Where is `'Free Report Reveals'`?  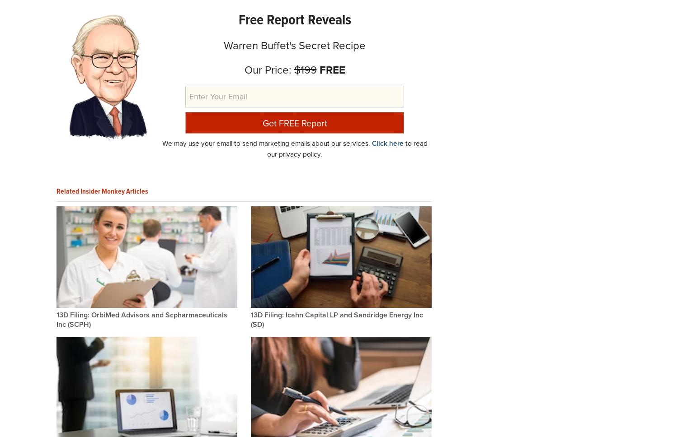
'Free Report Reveals' is located at coordinates (294, 19).